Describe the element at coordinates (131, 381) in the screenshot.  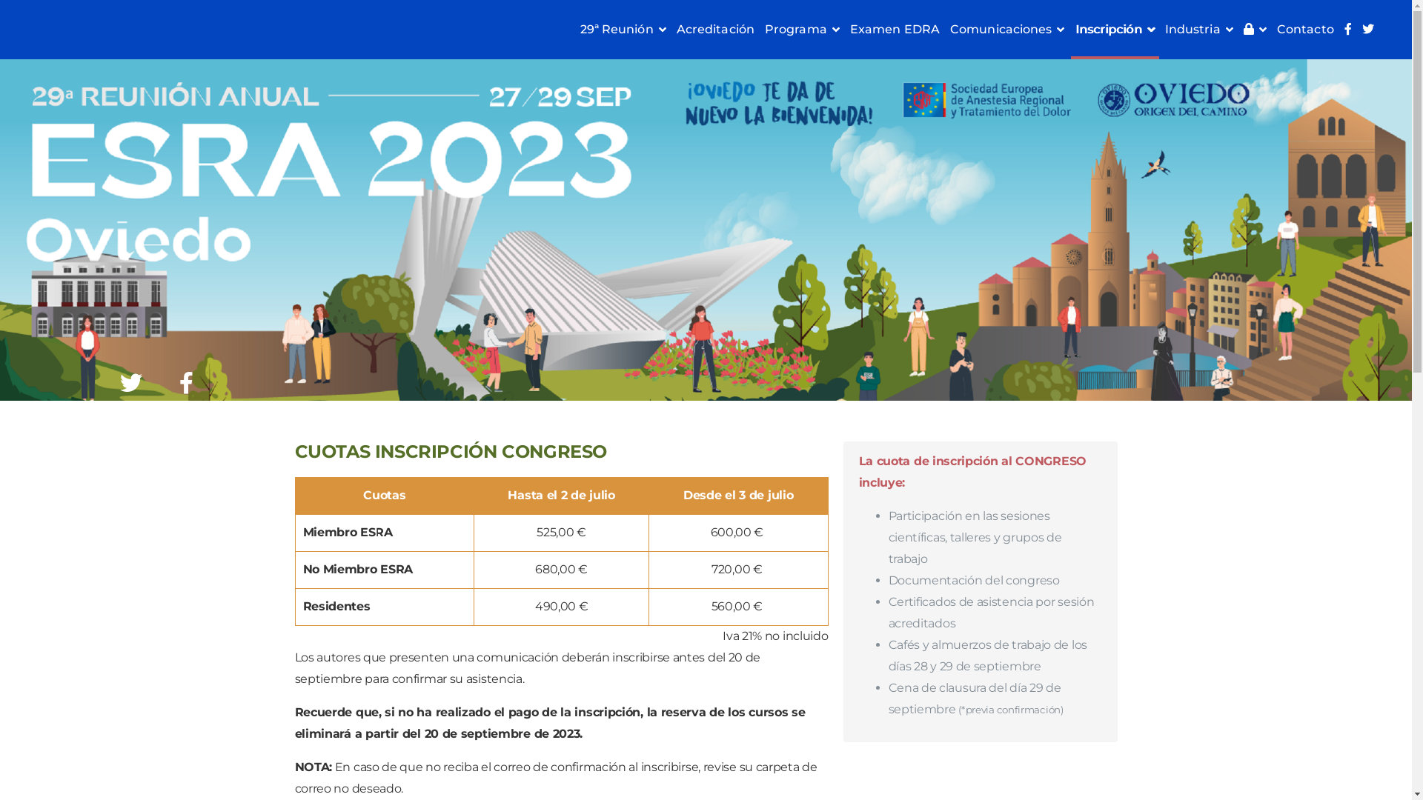
I see `'Icon group item'` at that location.